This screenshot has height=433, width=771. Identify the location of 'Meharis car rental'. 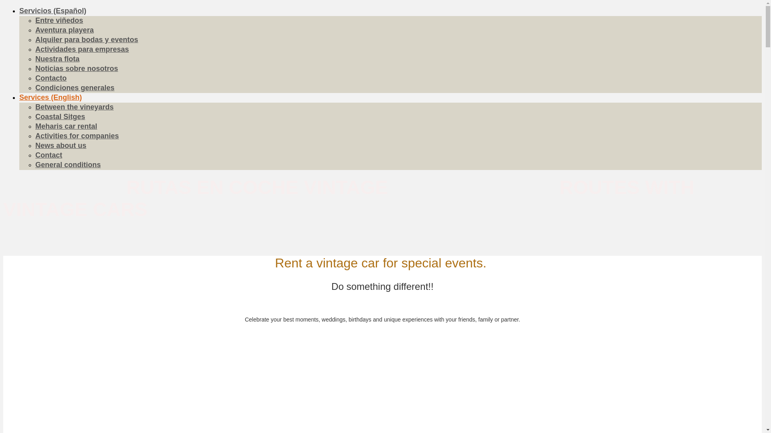
(35, 126).